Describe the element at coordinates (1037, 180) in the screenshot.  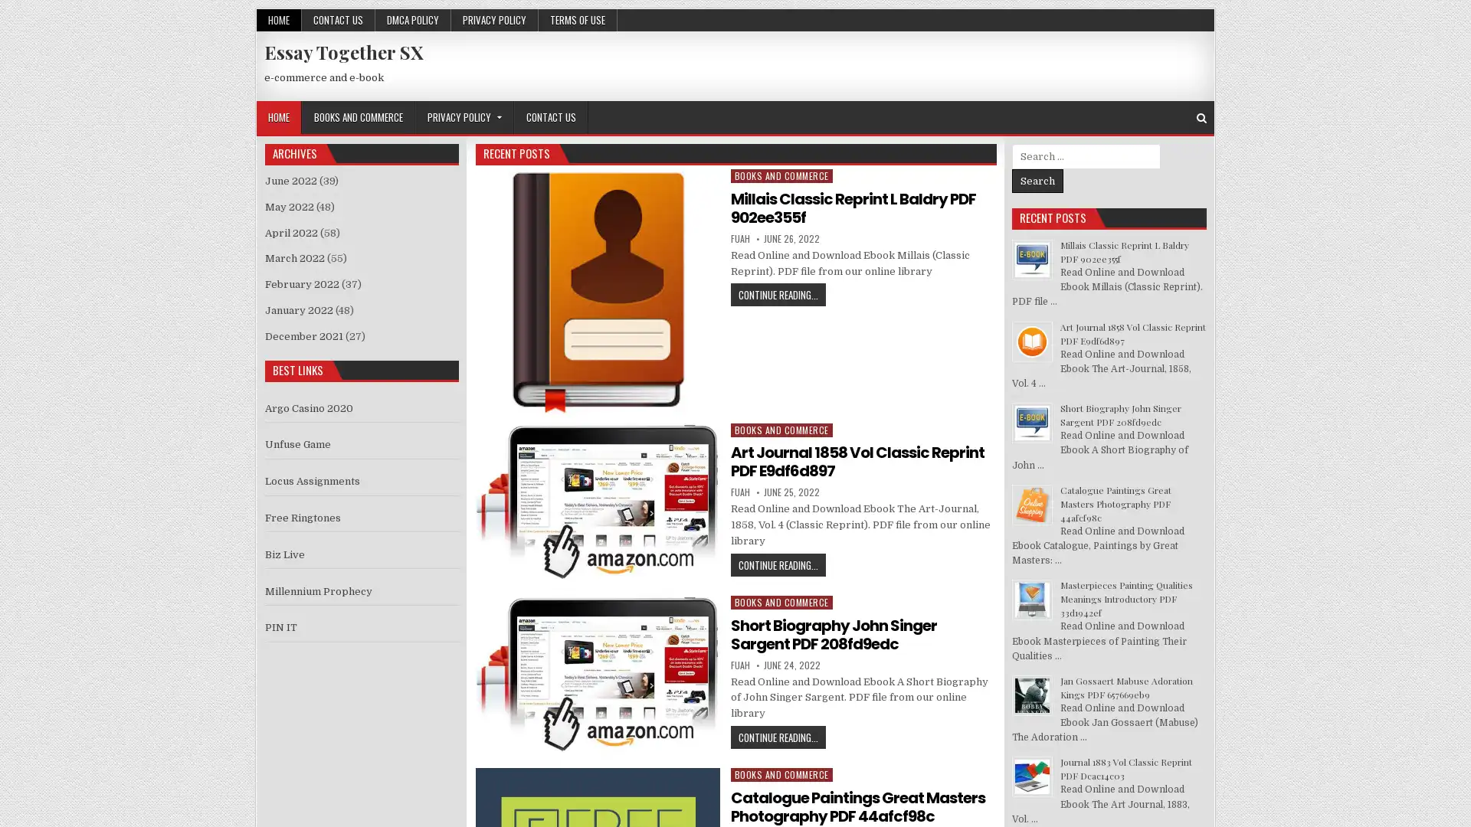
I see `Search` at that location.